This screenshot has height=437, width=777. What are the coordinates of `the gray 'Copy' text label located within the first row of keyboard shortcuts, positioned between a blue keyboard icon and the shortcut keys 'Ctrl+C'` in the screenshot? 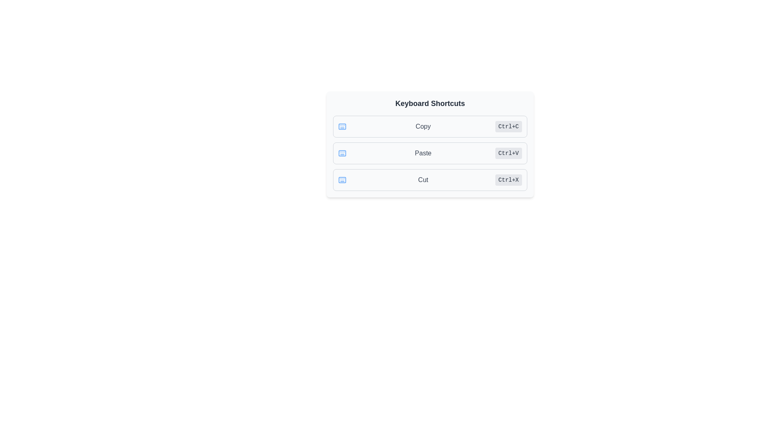 It's located at (422, 126).